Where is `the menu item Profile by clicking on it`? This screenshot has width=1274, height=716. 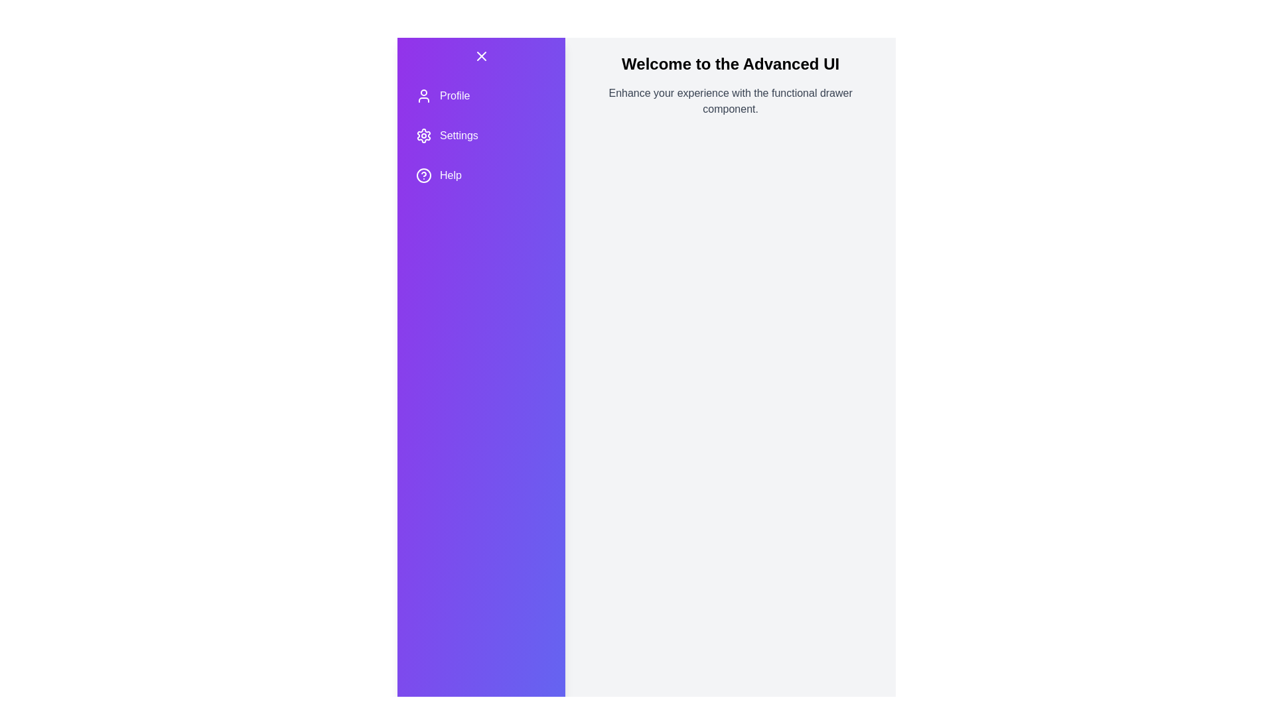
the menu item Profile by clicking on it is located at coordinates (480, 95).